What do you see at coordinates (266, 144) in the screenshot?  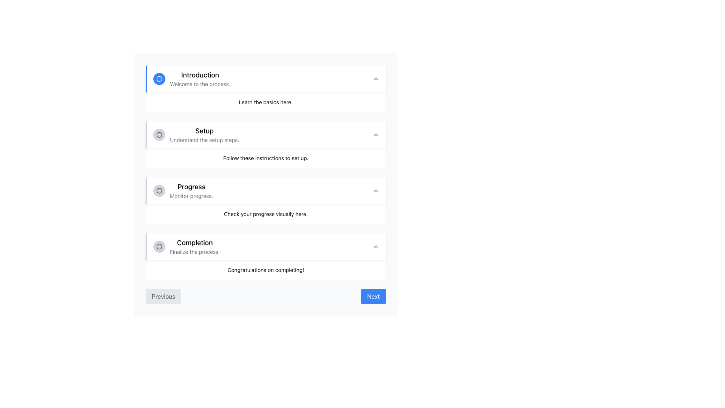 I see `the Informative Section located centrally within the 'Setup' section of the multi-step guidance interface, which presents setup step information and detailed instructions` at bounding box center [266, 144].